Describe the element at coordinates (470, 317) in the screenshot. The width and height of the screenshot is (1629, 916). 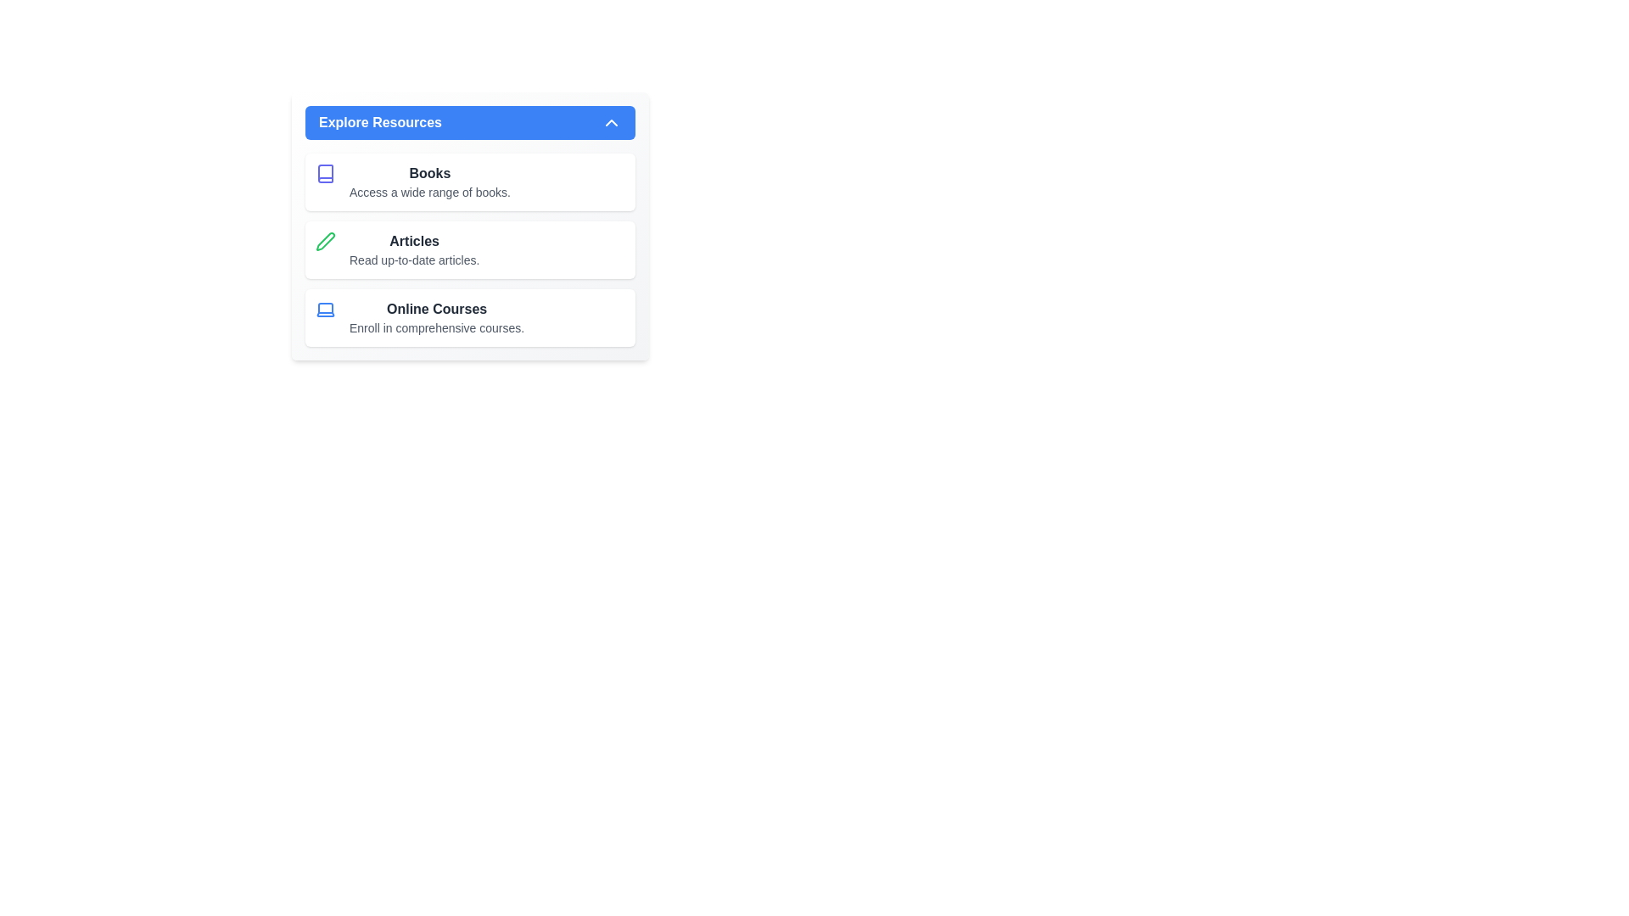
I see `the third card in the vertical list under the 'Explore Resources' header` at that location.